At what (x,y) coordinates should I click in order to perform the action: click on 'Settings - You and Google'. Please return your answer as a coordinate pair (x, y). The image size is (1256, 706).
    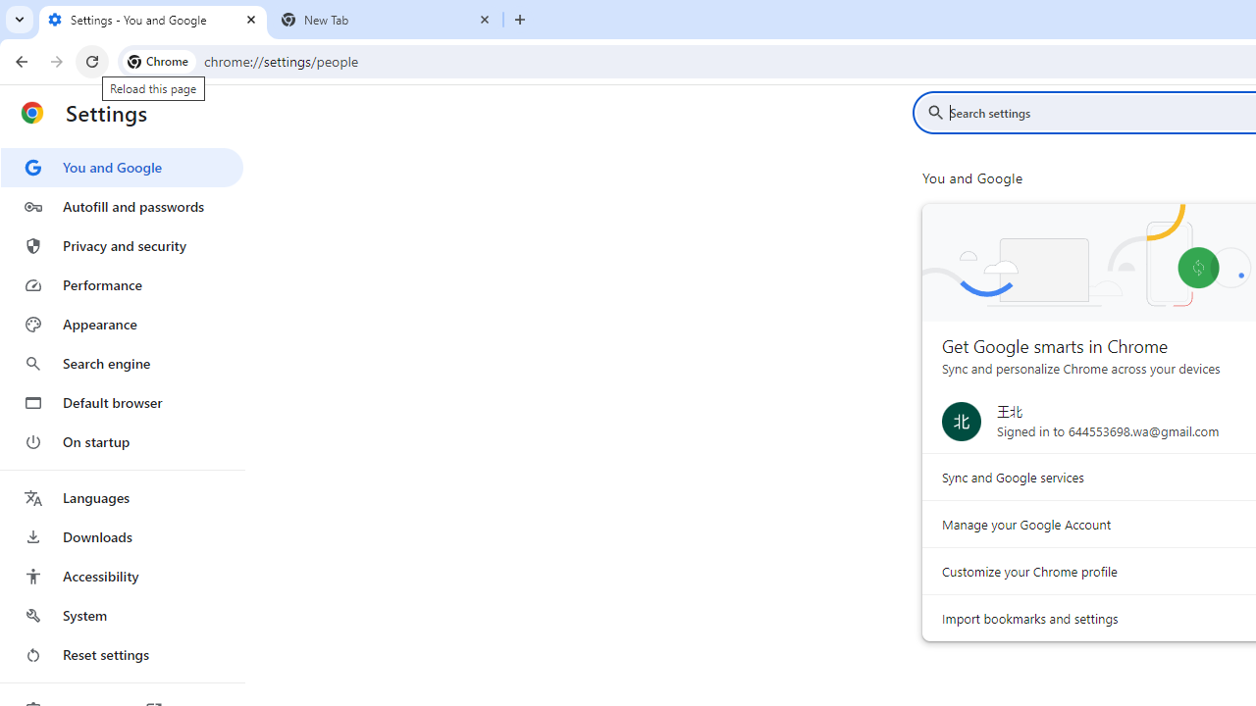
    Looking at the image, I should click on (152, 20).